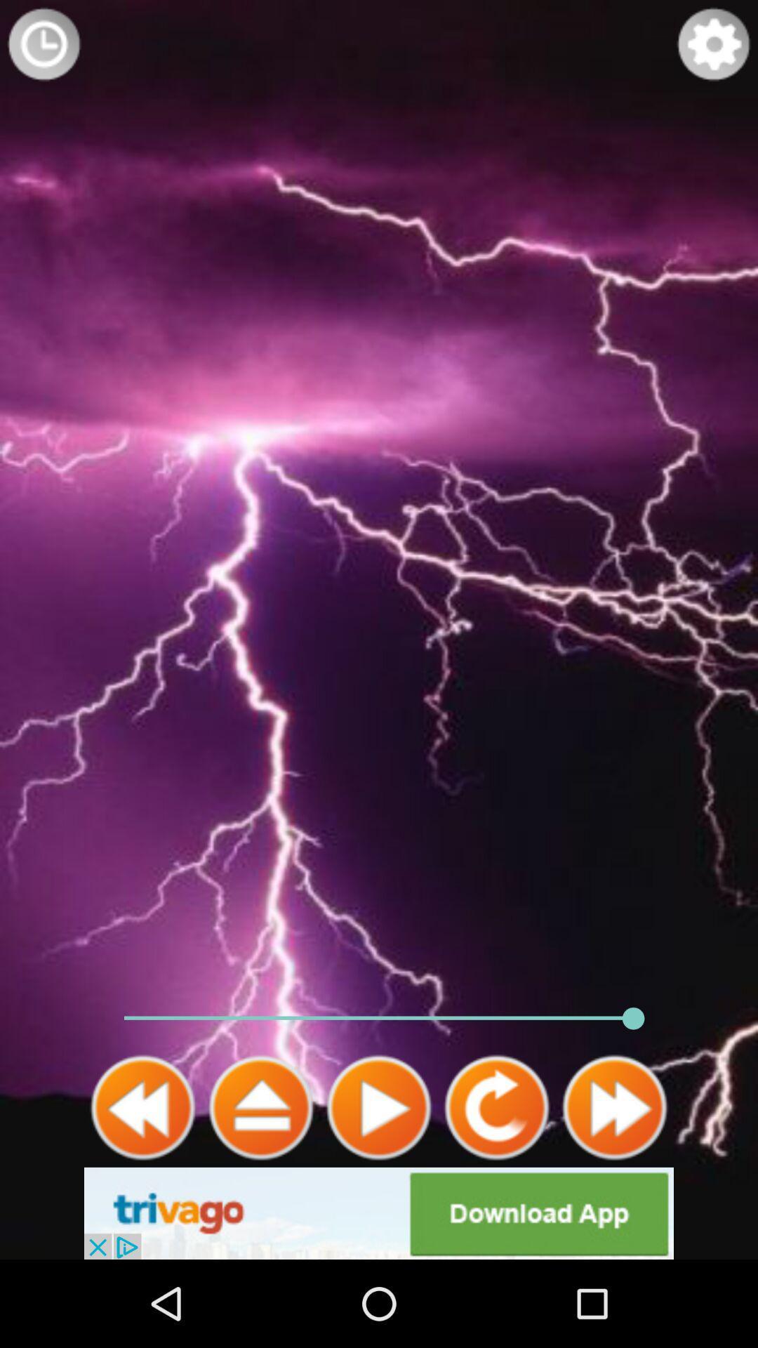 Image resolution: width=758 pixels, height=1348 pixels. Describe the element at coordinates (379, 1107) in the screenshot. I see `switch play option` at that location.